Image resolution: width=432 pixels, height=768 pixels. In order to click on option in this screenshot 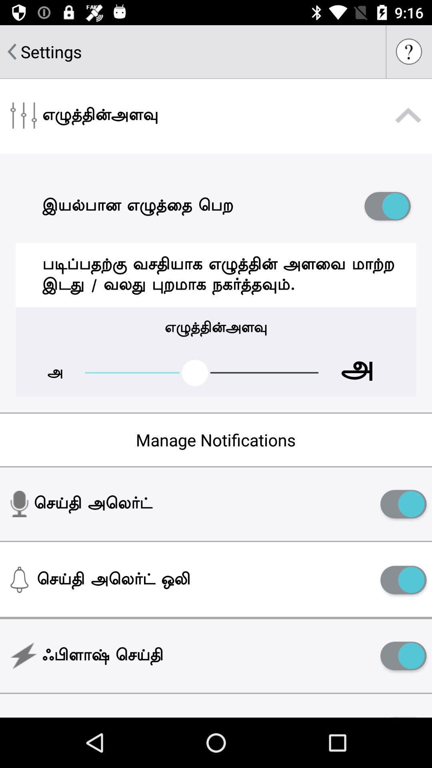, I will do `click(403, 656)`.